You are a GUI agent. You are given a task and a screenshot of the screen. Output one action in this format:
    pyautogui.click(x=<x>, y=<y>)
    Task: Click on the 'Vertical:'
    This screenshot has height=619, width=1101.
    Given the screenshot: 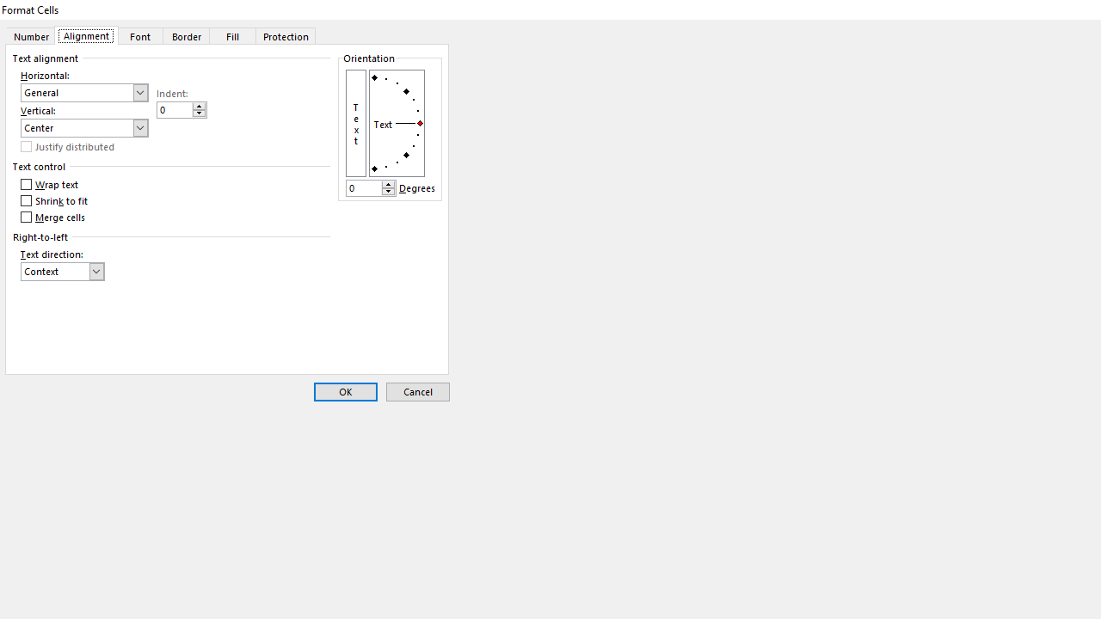 What is the action you would take?
    pyautogui.click(x=83, y=127)
    